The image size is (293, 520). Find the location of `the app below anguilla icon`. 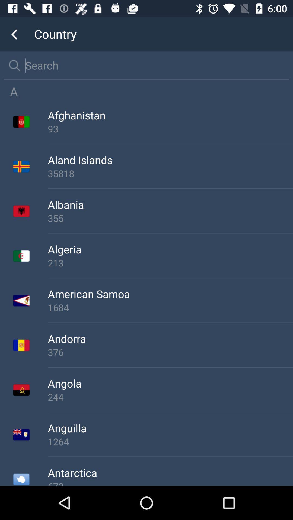

the app below anguilla icon is located at coordinates (170, 441).